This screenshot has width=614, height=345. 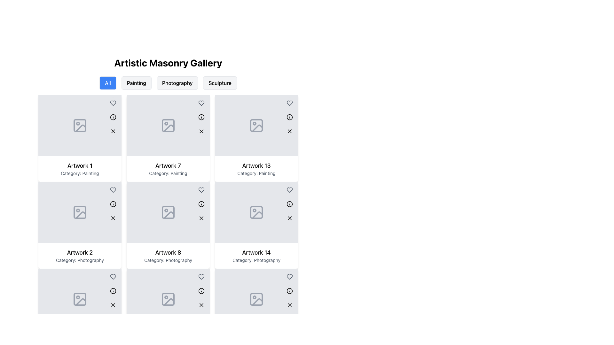 What do you see at coordinates (201, 131) in the screenshot?
I see `the delete button located in the top-right section of the 'Artwork 7' card, which is the third button in a vertical stack of buttons following a heart icon and an information icon` at bounding box center [201, 131].